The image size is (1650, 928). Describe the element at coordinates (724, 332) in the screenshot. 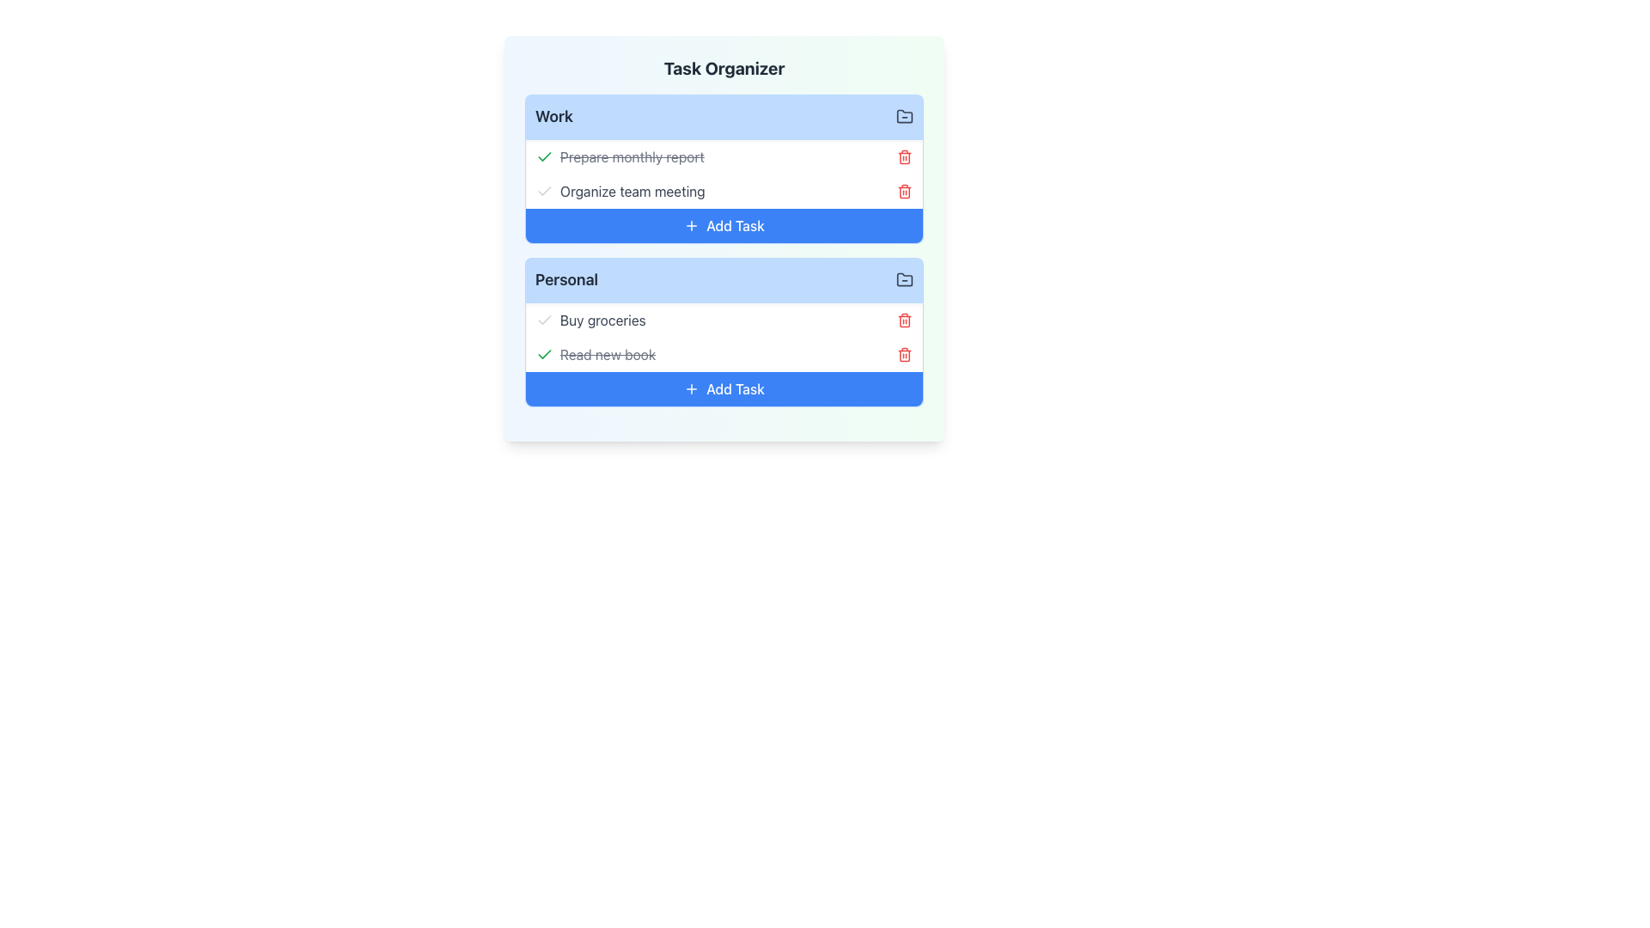

I see `to reorder tasks within the 'Personal' section of the task organizer interface, identifiable by its light blue header labeled 'Personal'` at that location.